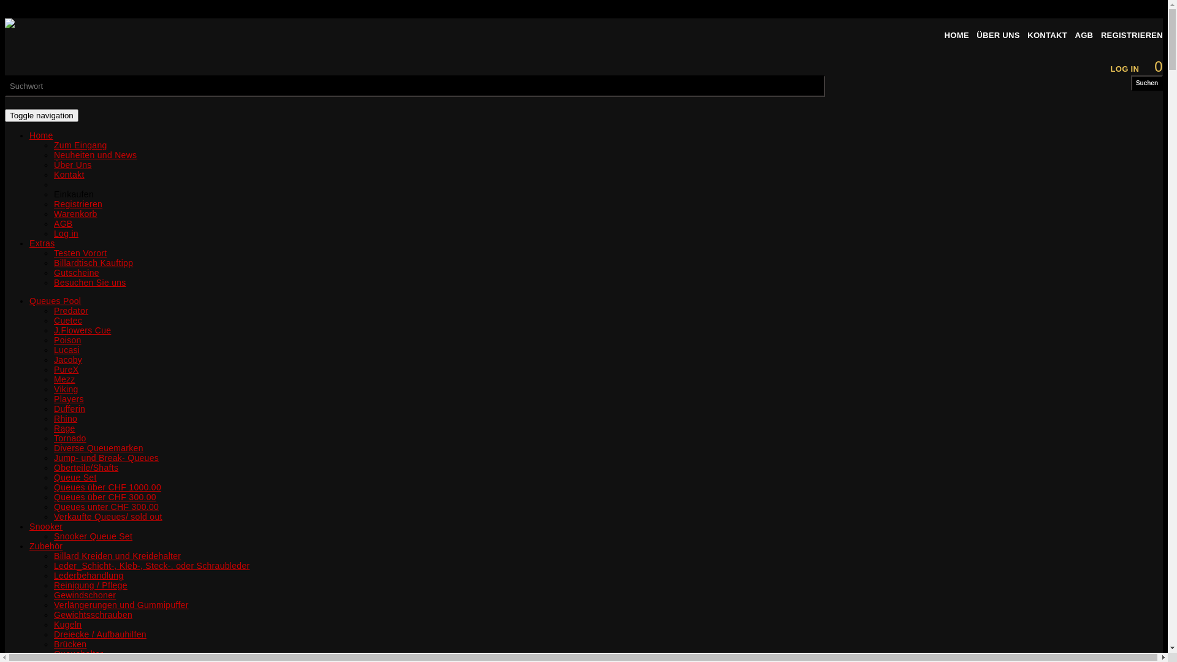 The width and height of the screenshot is (1177, 662). I want to click on 'Snooker', so click(46, 526).